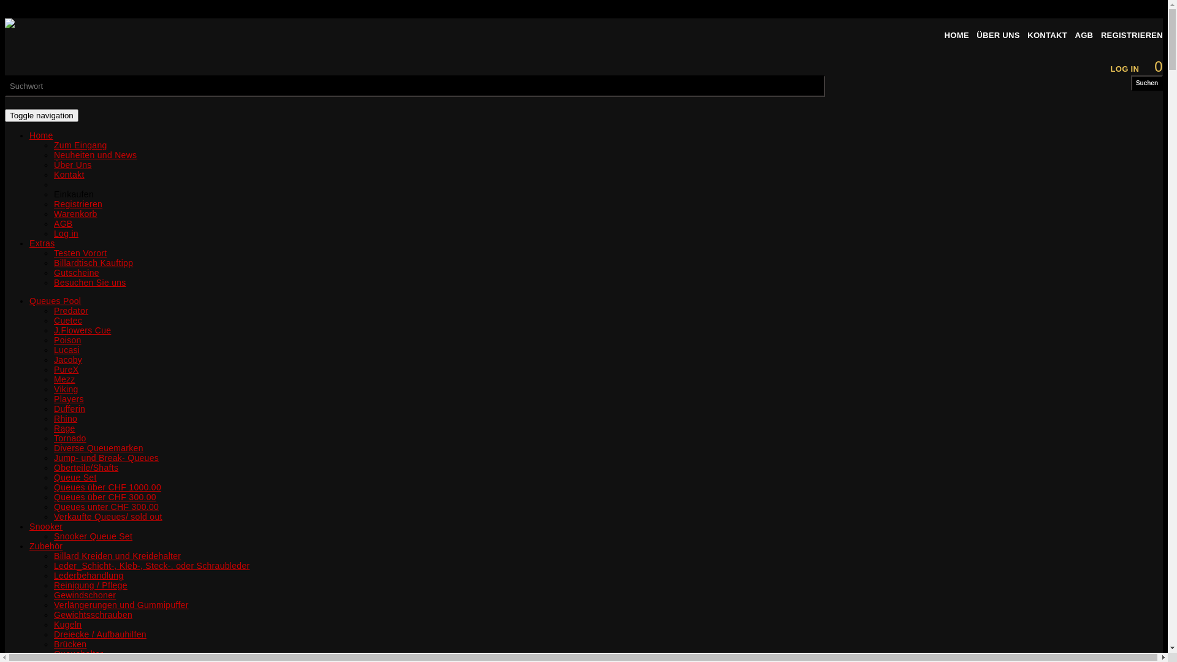 The width and height of the screenshot is (1177, 662). I want to click on 'Snooker', so click(46, 526).